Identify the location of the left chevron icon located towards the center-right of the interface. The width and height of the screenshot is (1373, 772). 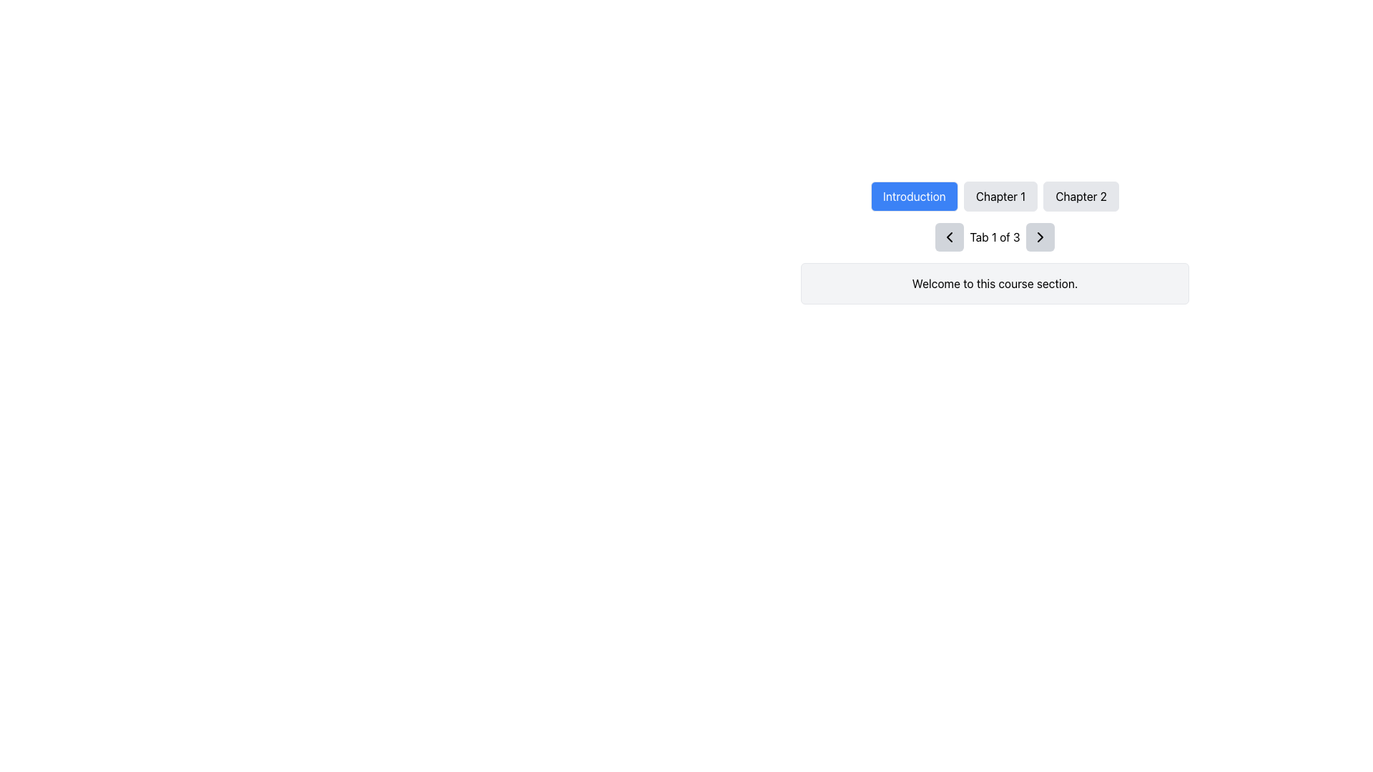
(950, 236).